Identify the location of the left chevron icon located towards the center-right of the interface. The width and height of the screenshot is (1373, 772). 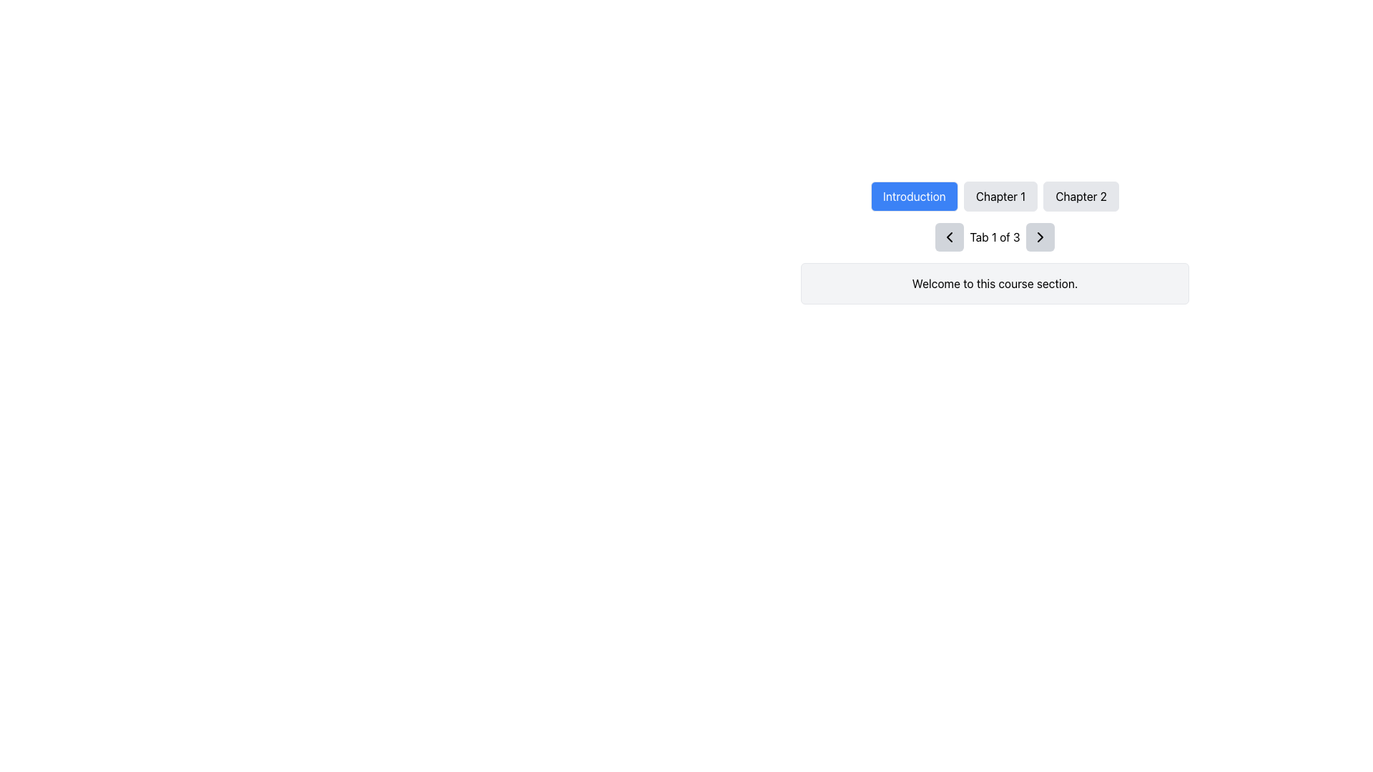
(950, 236).